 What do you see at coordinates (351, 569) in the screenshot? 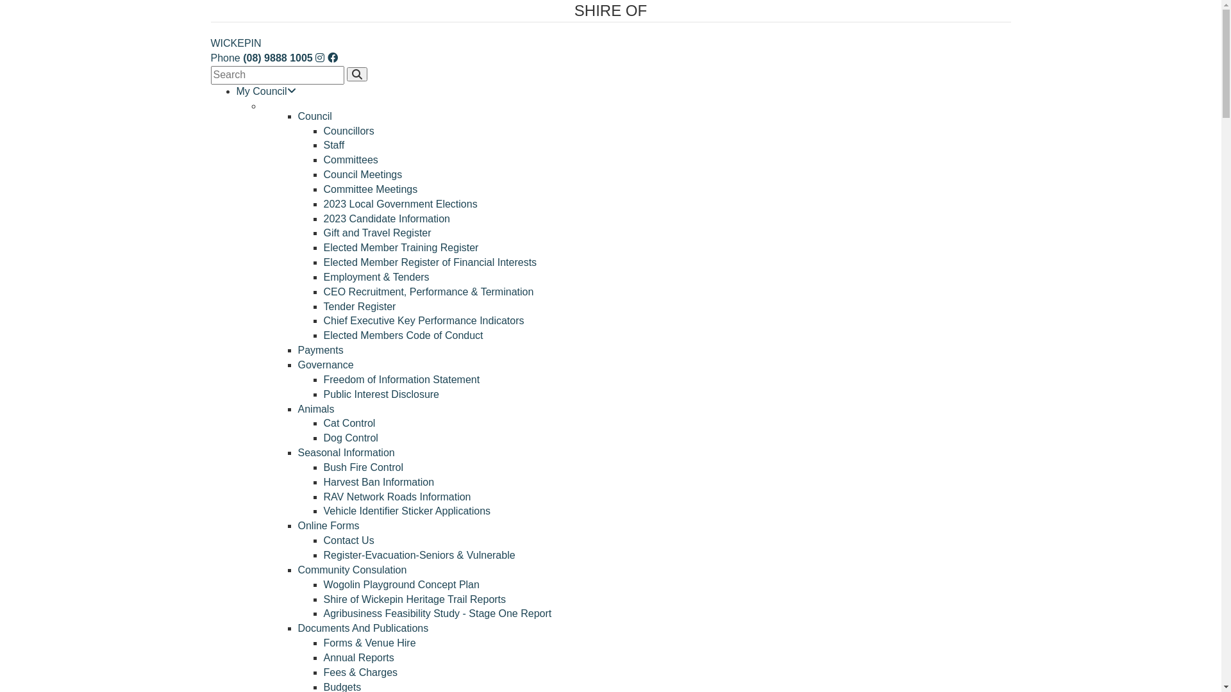
I see `'Community Consulation'` at bounding box center [351, 569].